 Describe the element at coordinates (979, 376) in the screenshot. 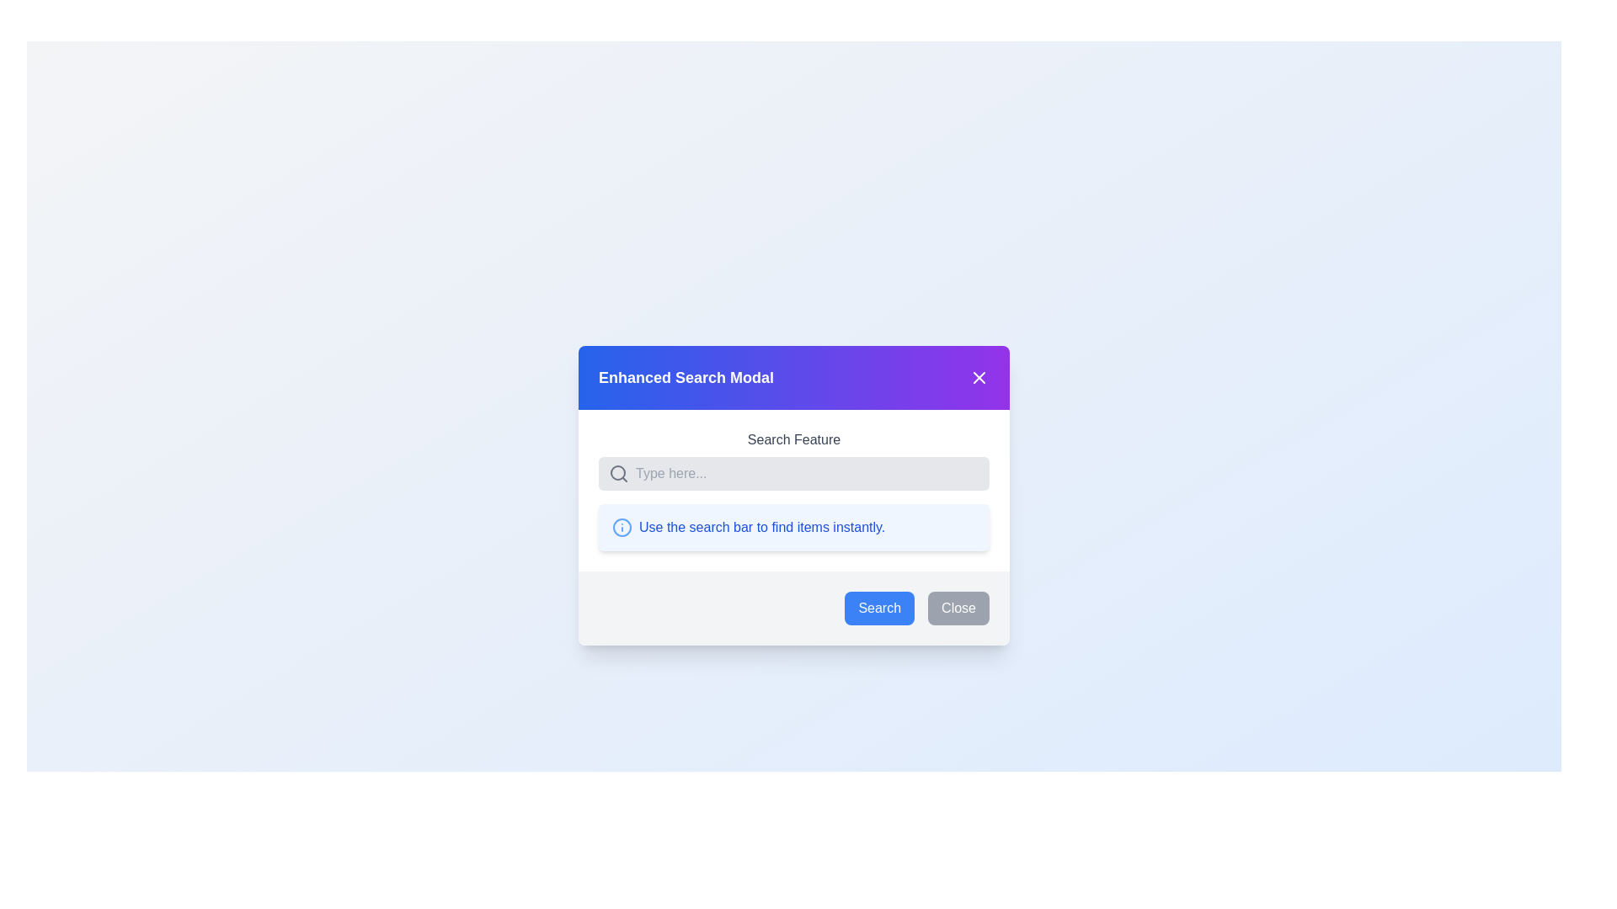

I see `the close icon in the top-right region of the Enhanced Search Modal` at that location.